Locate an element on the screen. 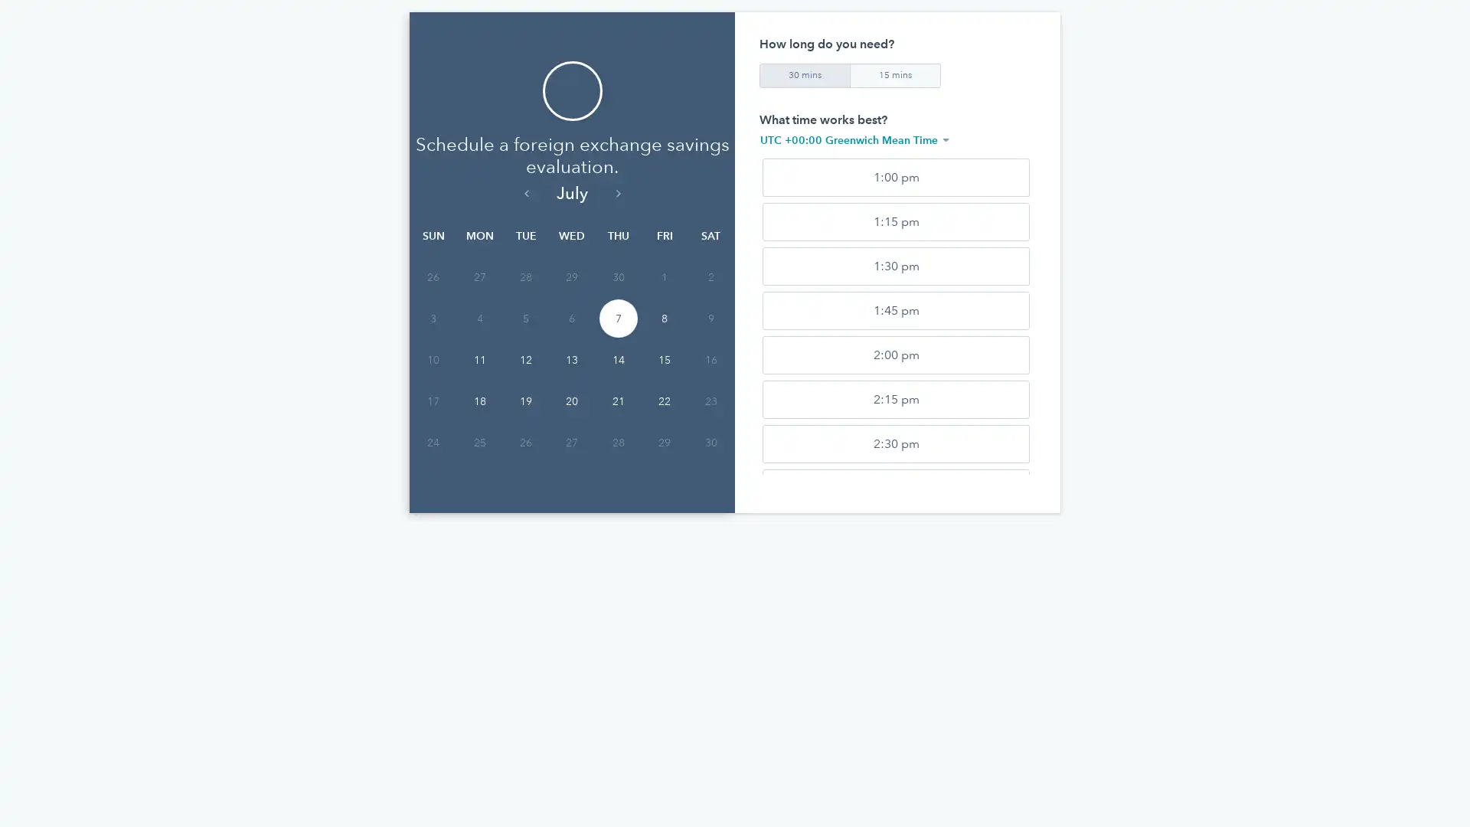  July 6th is located at coordinates (571, 318).